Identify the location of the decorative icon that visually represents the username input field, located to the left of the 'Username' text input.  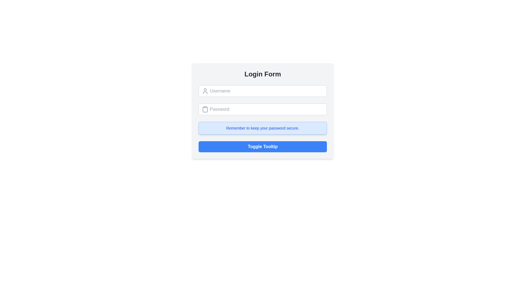
(205, 91).